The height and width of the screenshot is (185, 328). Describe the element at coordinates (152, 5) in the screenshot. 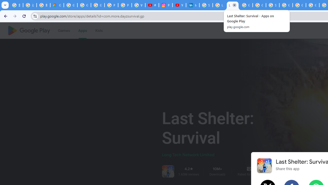

I see `'#nbabasketballhighlights - YouTube'` at that location.